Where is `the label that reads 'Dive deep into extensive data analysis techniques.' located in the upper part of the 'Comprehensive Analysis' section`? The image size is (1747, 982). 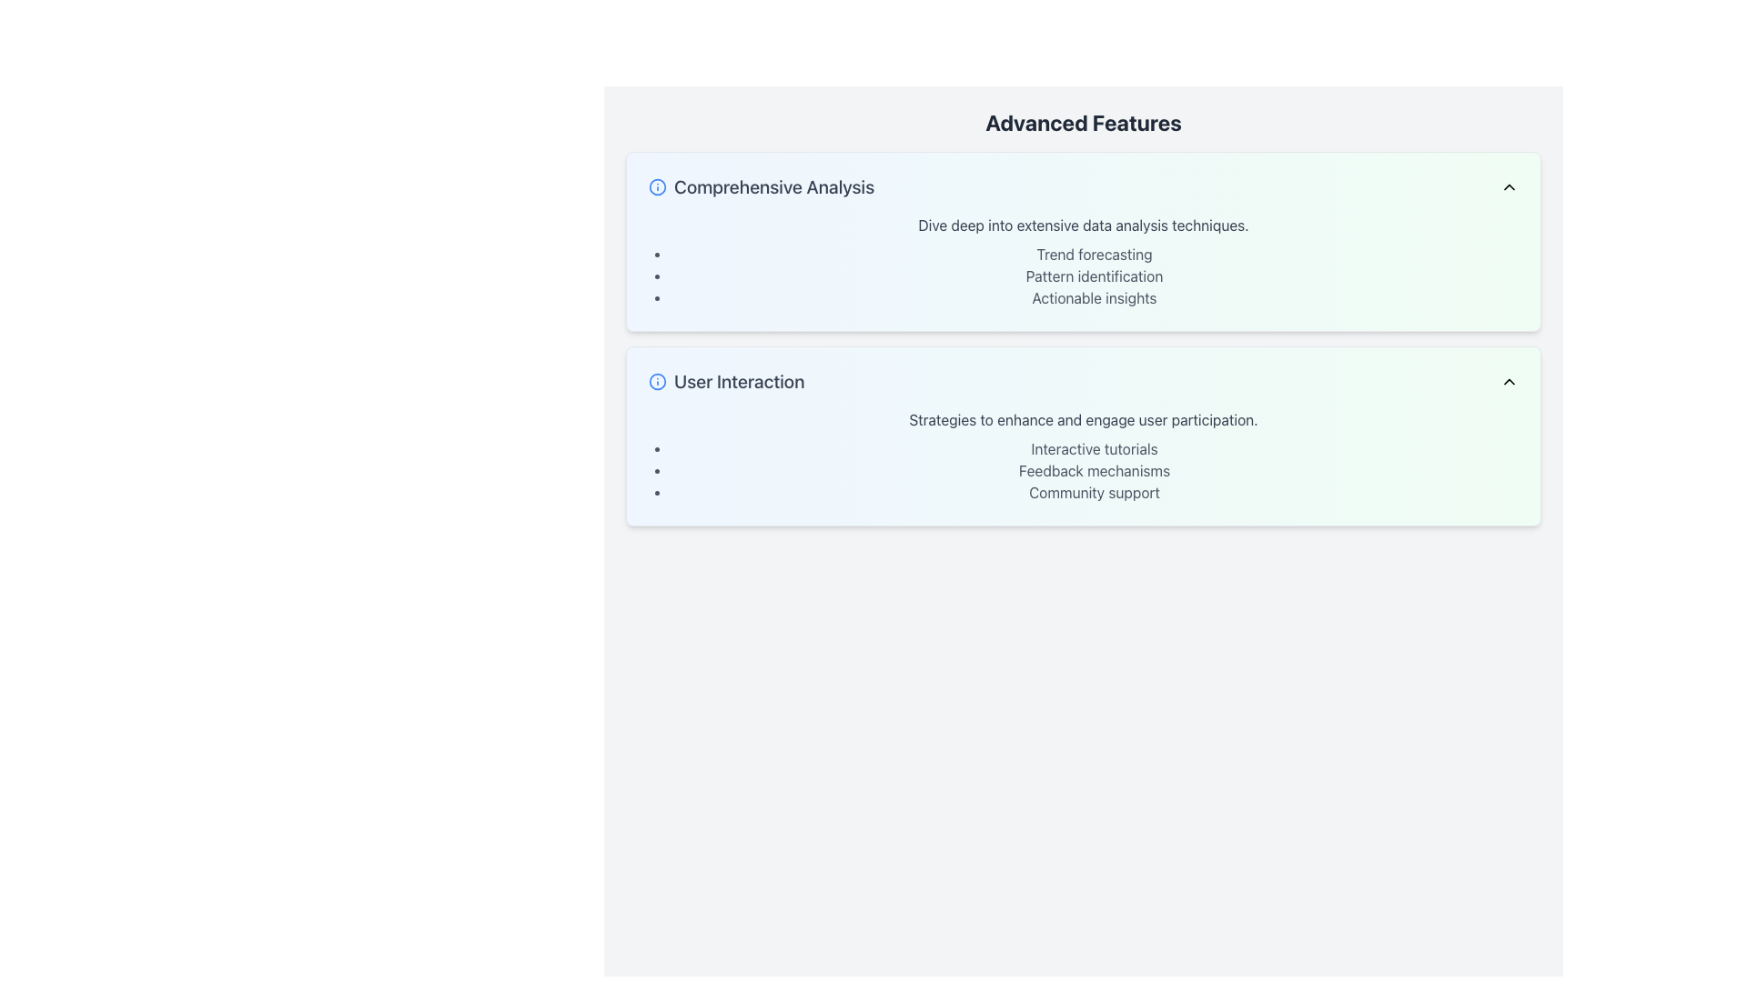 the label that reads 'Dive deep into extensive data analysis techniques.' located in the upper part of the 'Comprehensive Analysis' section is located at coordinates (1083, 224).